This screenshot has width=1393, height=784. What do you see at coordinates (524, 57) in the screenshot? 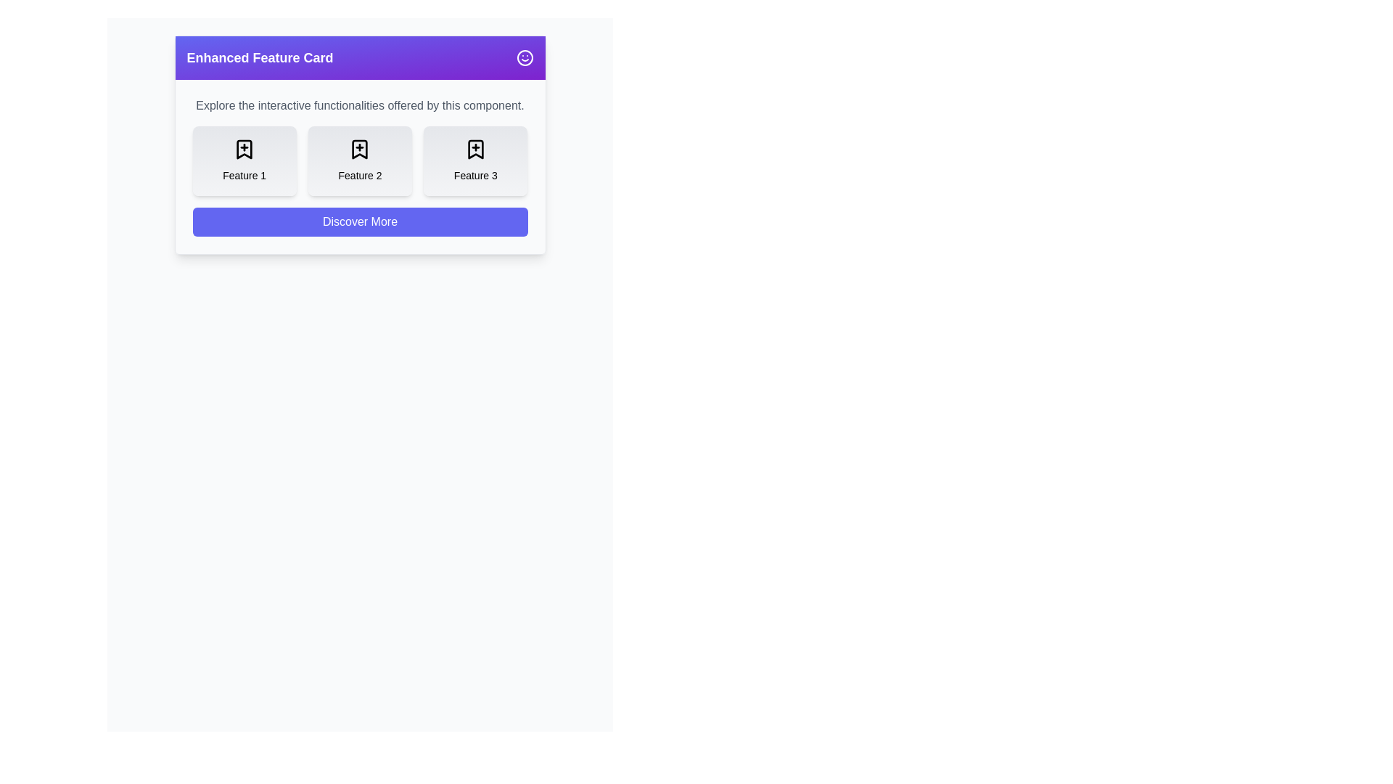
I see `the circular smiley face icon located in the top-right corner of the 'Enhanced Feature Card'` at bounding box center [524, 57].